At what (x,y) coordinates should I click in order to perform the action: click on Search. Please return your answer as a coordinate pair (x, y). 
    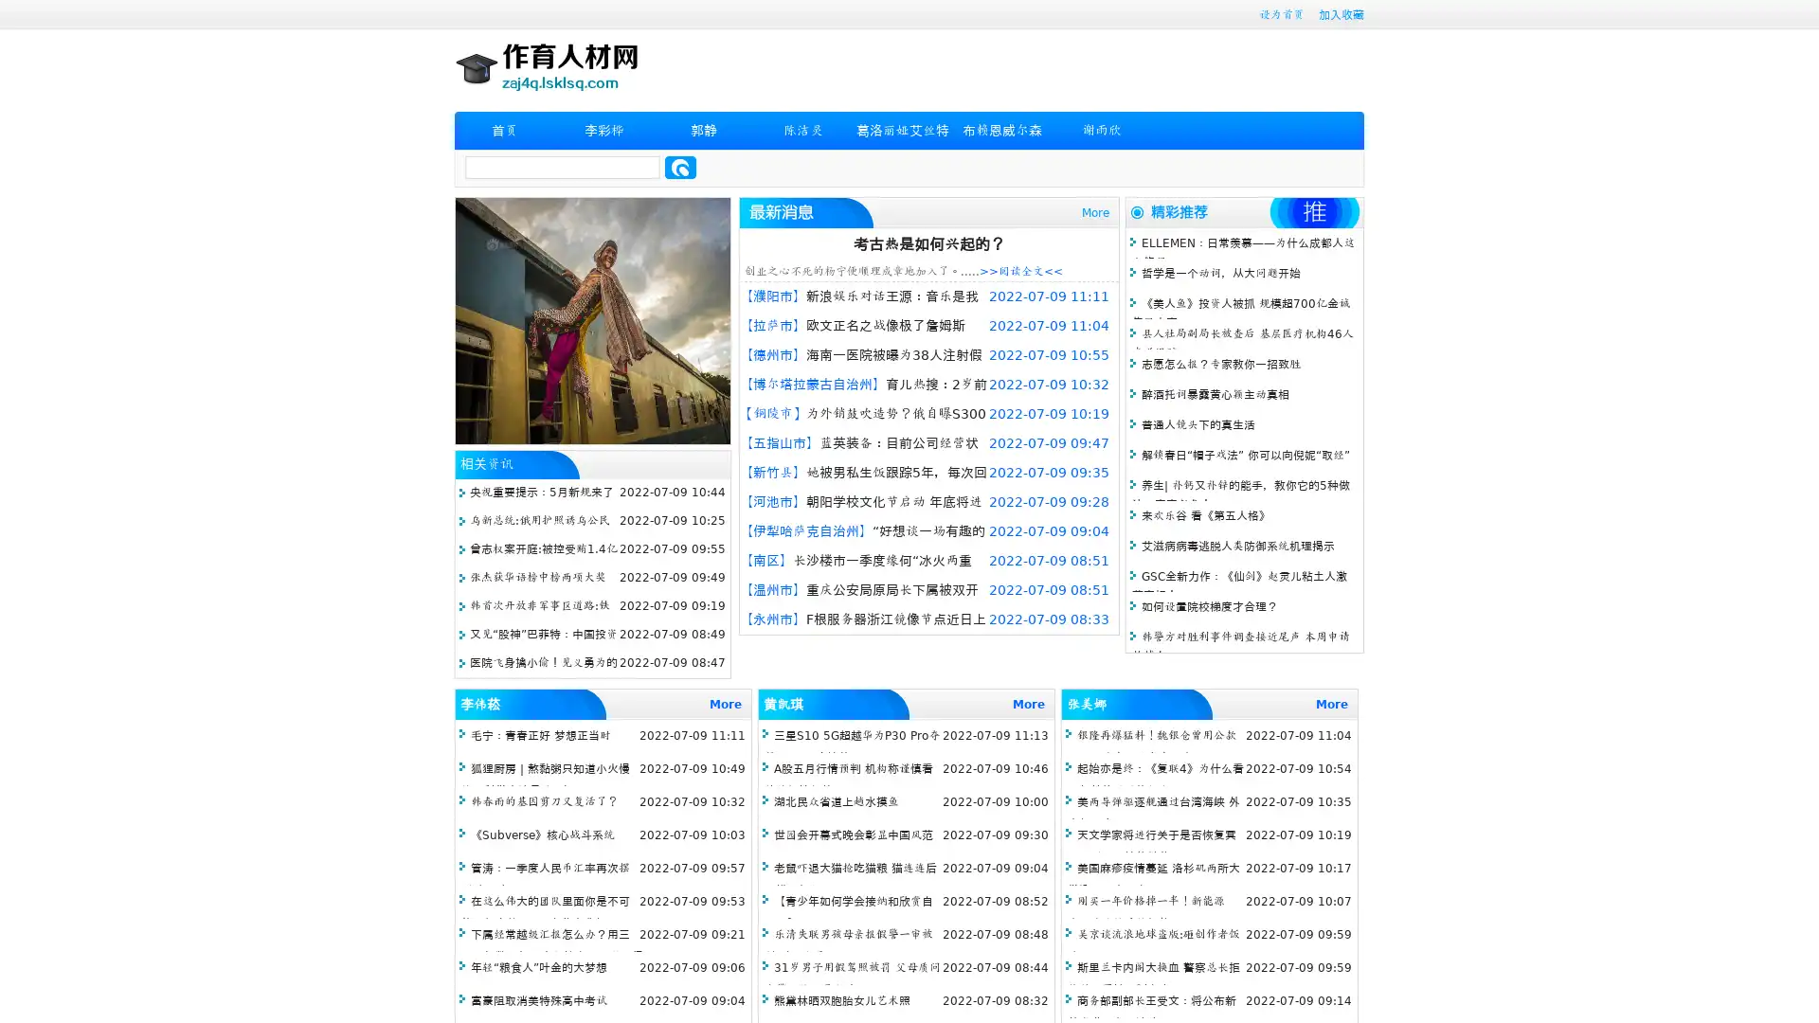
    Looking at the image, I should click on (680, 167).